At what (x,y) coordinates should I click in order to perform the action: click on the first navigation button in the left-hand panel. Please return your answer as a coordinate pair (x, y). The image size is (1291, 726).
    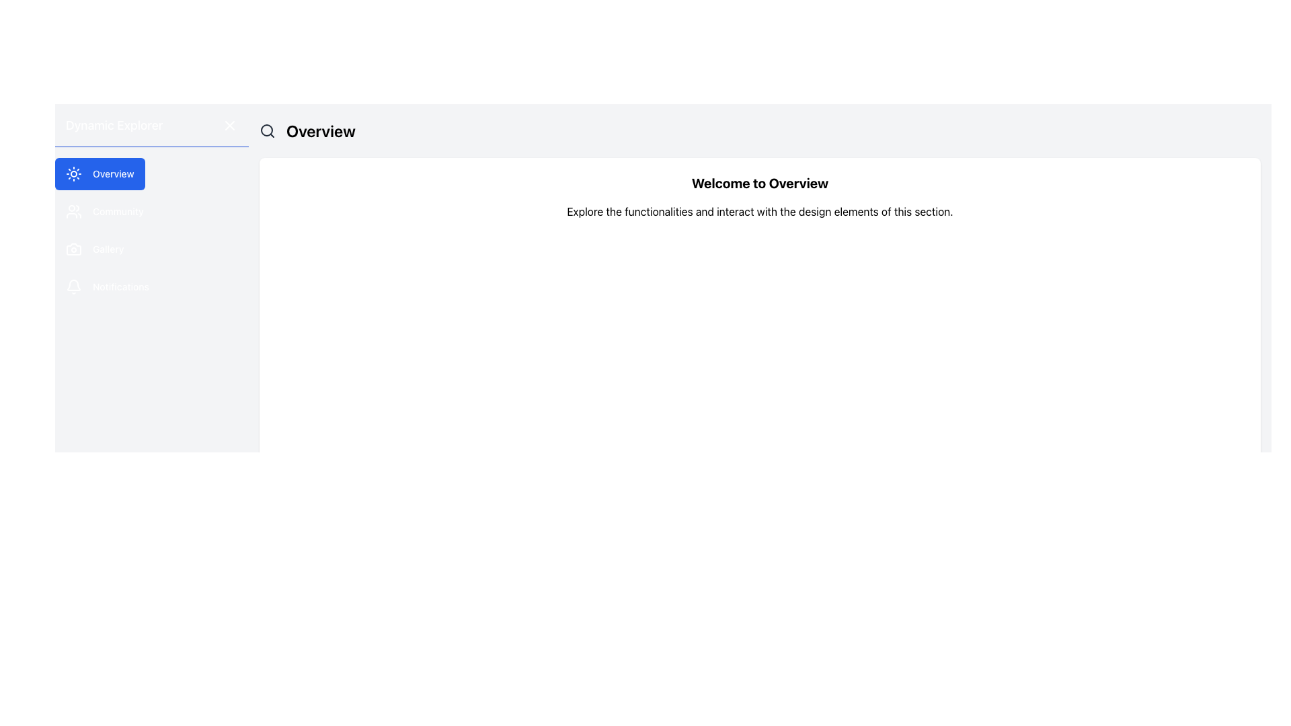
    Looking at the image, I should click on (99, 173).